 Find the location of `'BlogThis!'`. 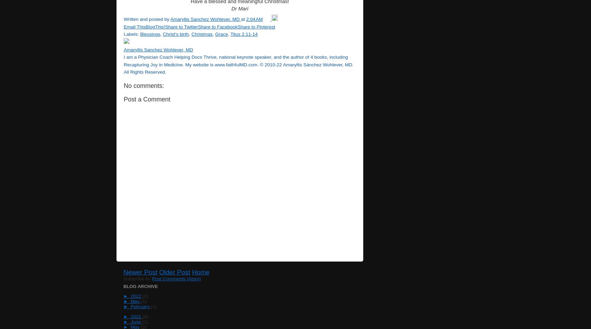

'BlogThis!' is located at coordinates (155, 26).